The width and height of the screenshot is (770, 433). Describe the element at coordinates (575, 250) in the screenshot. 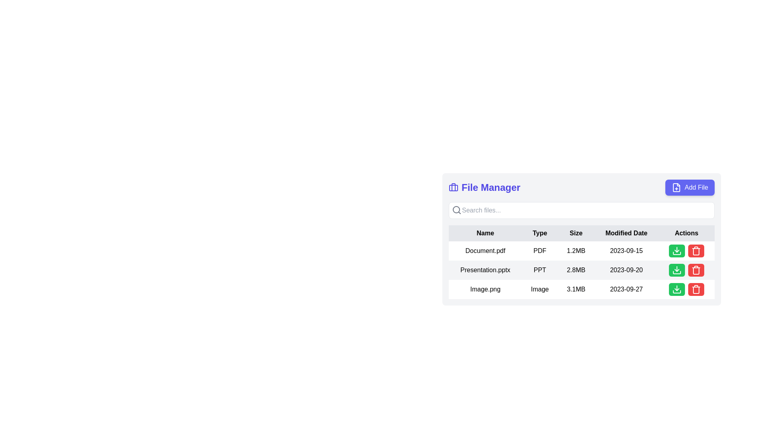

I see `the text element displaying '1.2MB' located in the third column of the first row of a file details table` at that location.